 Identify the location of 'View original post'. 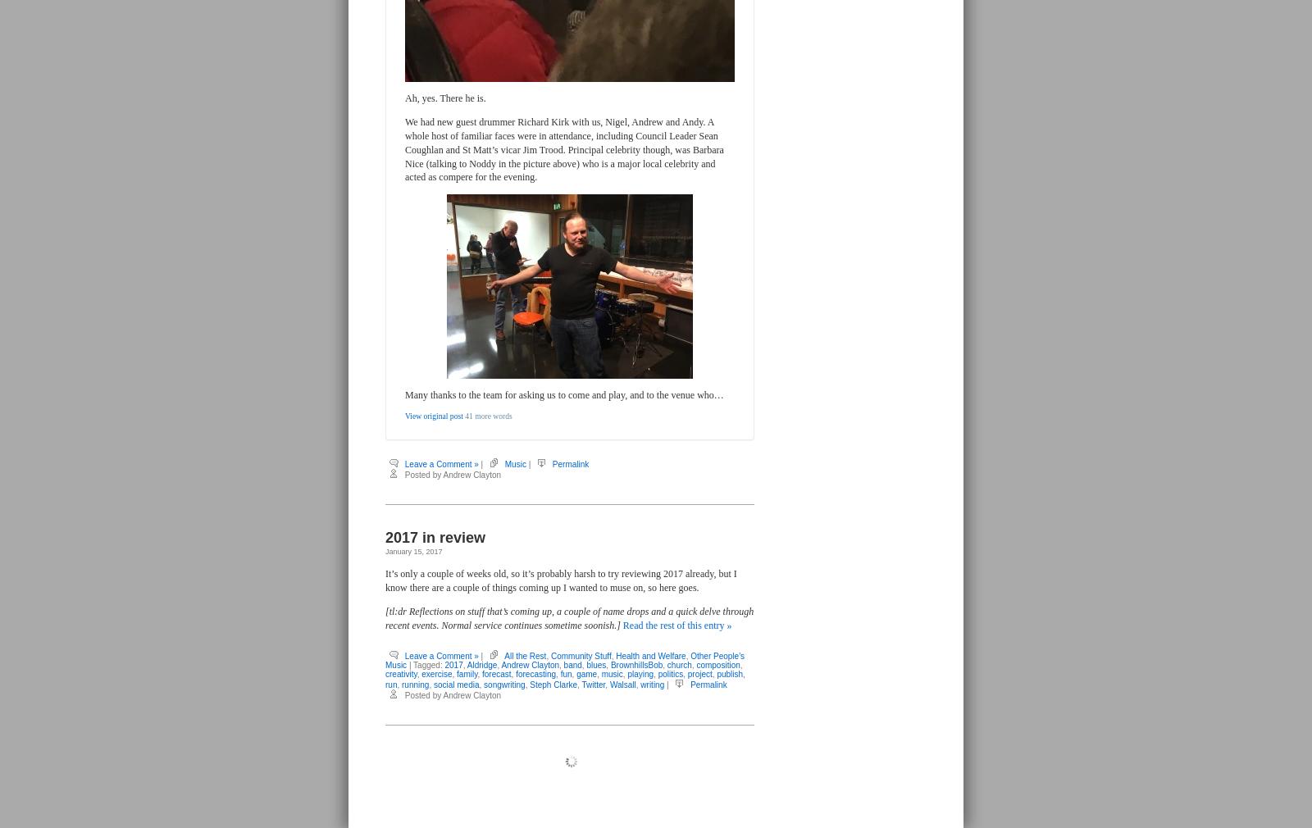
(432, 415).